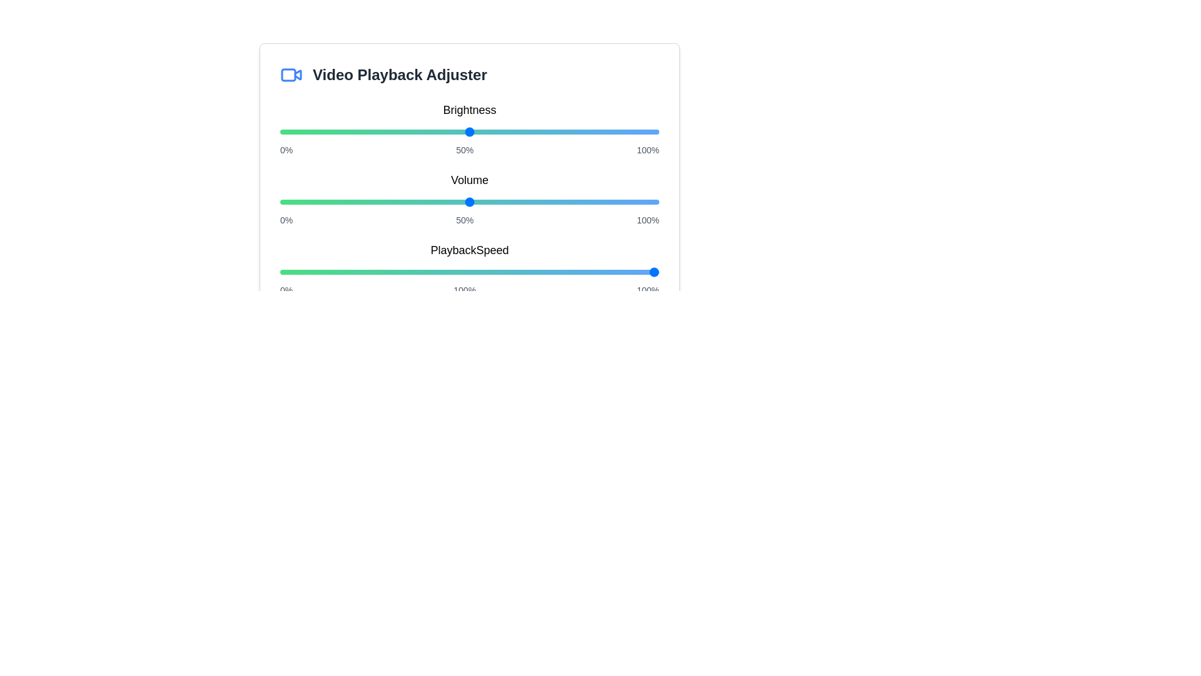 This screenshot has width=1201, height=676. Describe the element at coordinates (571, 272) in the screenshot. I see `the playback speed slider to 77%` at that location.